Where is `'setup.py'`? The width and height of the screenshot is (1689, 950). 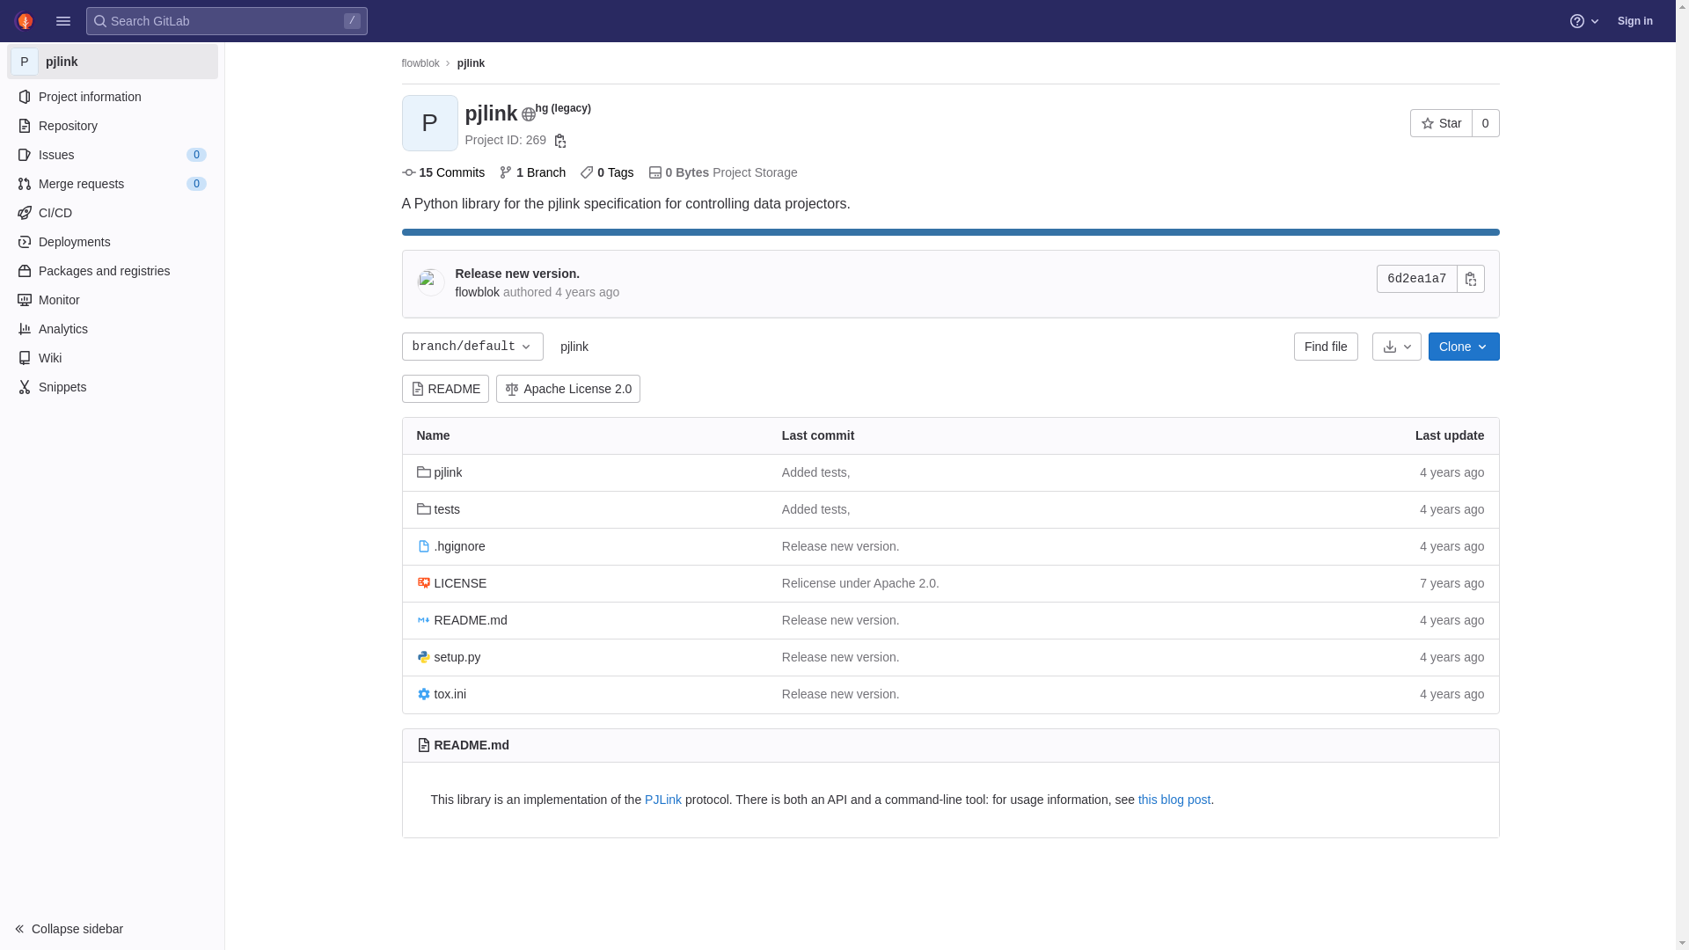 'setup.py' is located at coordinates (449, 657).